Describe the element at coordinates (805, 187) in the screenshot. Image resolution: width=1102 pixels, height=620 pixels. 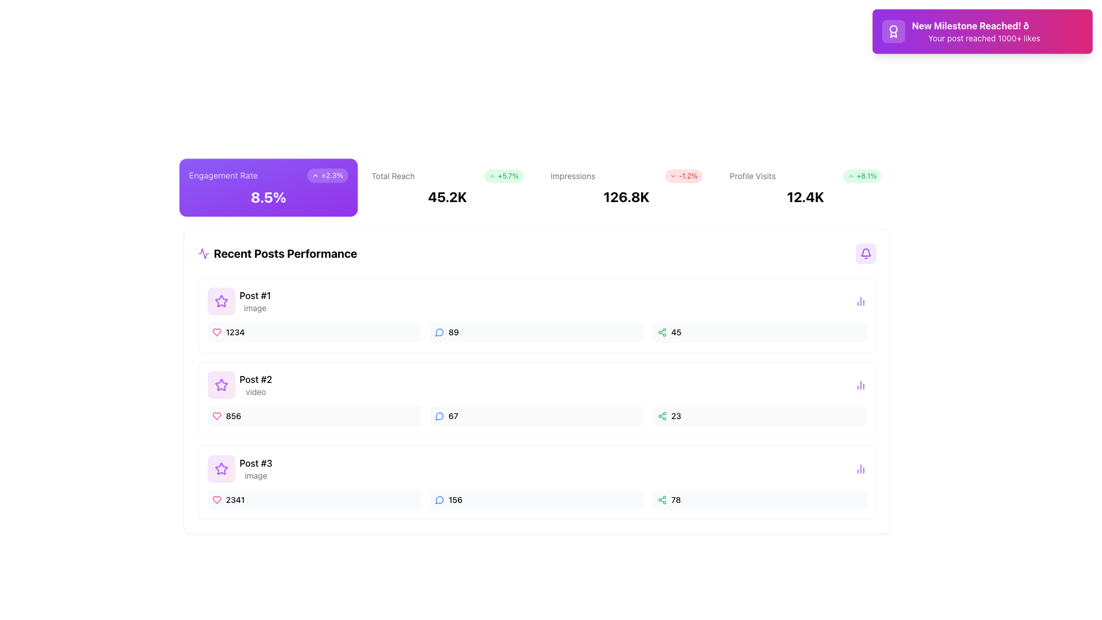
I see `displayed data from the Informative data card located in the top-right corner of the grid, which shows 'Profile Visits' with a value of '12.4K' and a badge of '+8.1%'` at that location.